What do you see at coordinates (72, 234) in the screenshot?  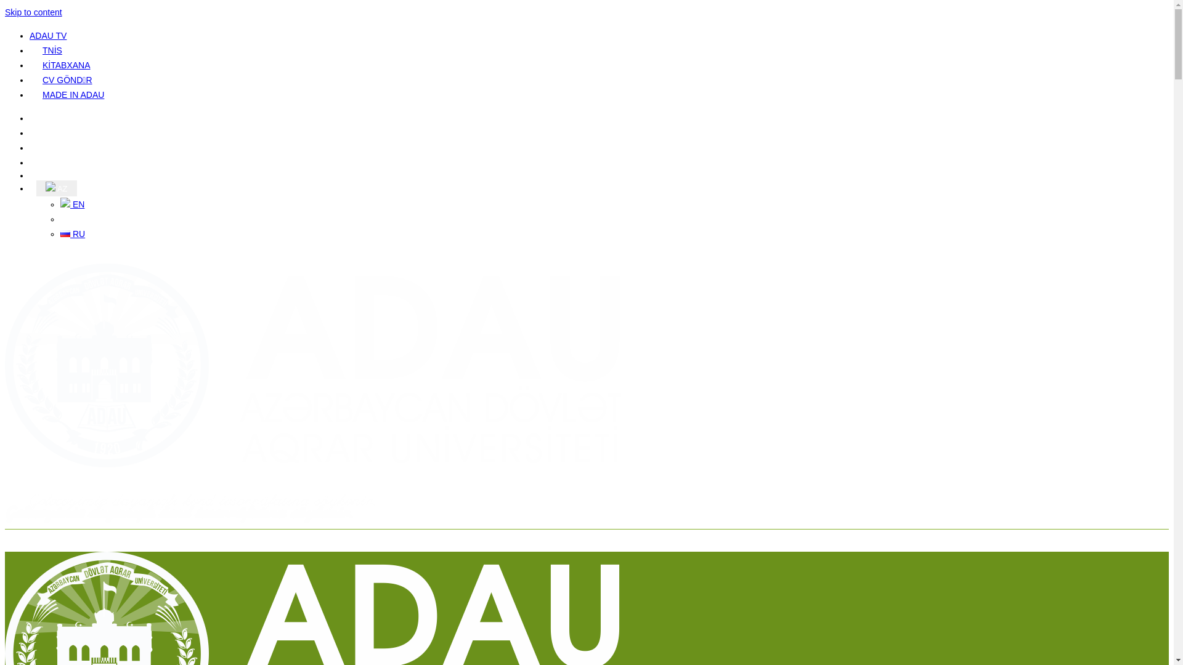 I see `'RU'` at bounding box center [72, 234].